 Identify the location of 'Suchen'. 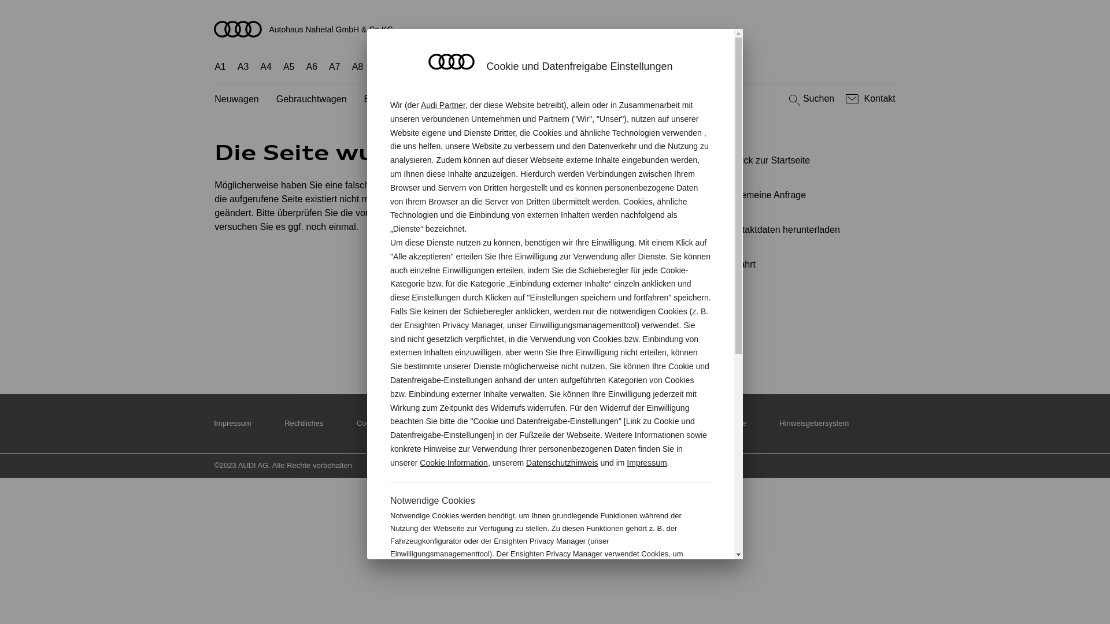
(809, 98).